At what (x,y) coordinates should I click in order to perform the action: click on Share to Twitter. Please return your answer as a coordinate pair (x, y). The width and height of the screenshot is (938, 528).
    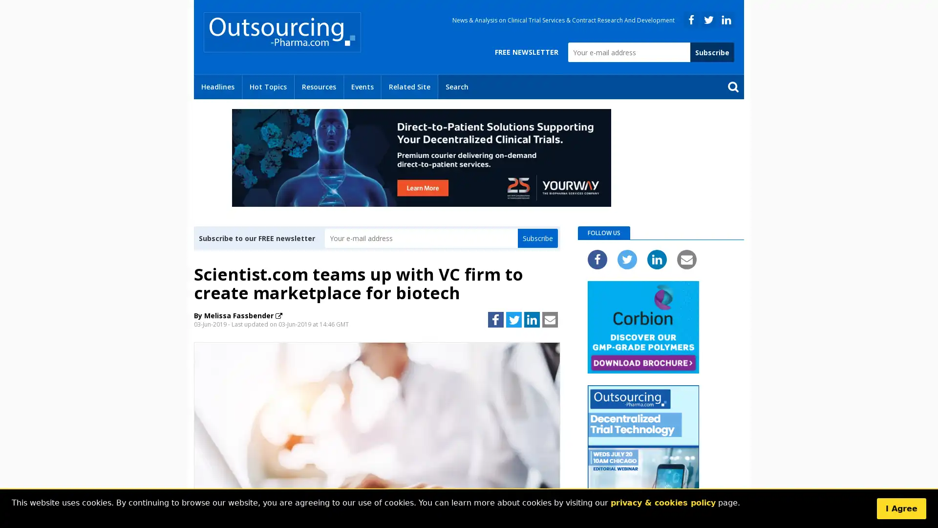
    Looking at the image, I should click on (513, 319).